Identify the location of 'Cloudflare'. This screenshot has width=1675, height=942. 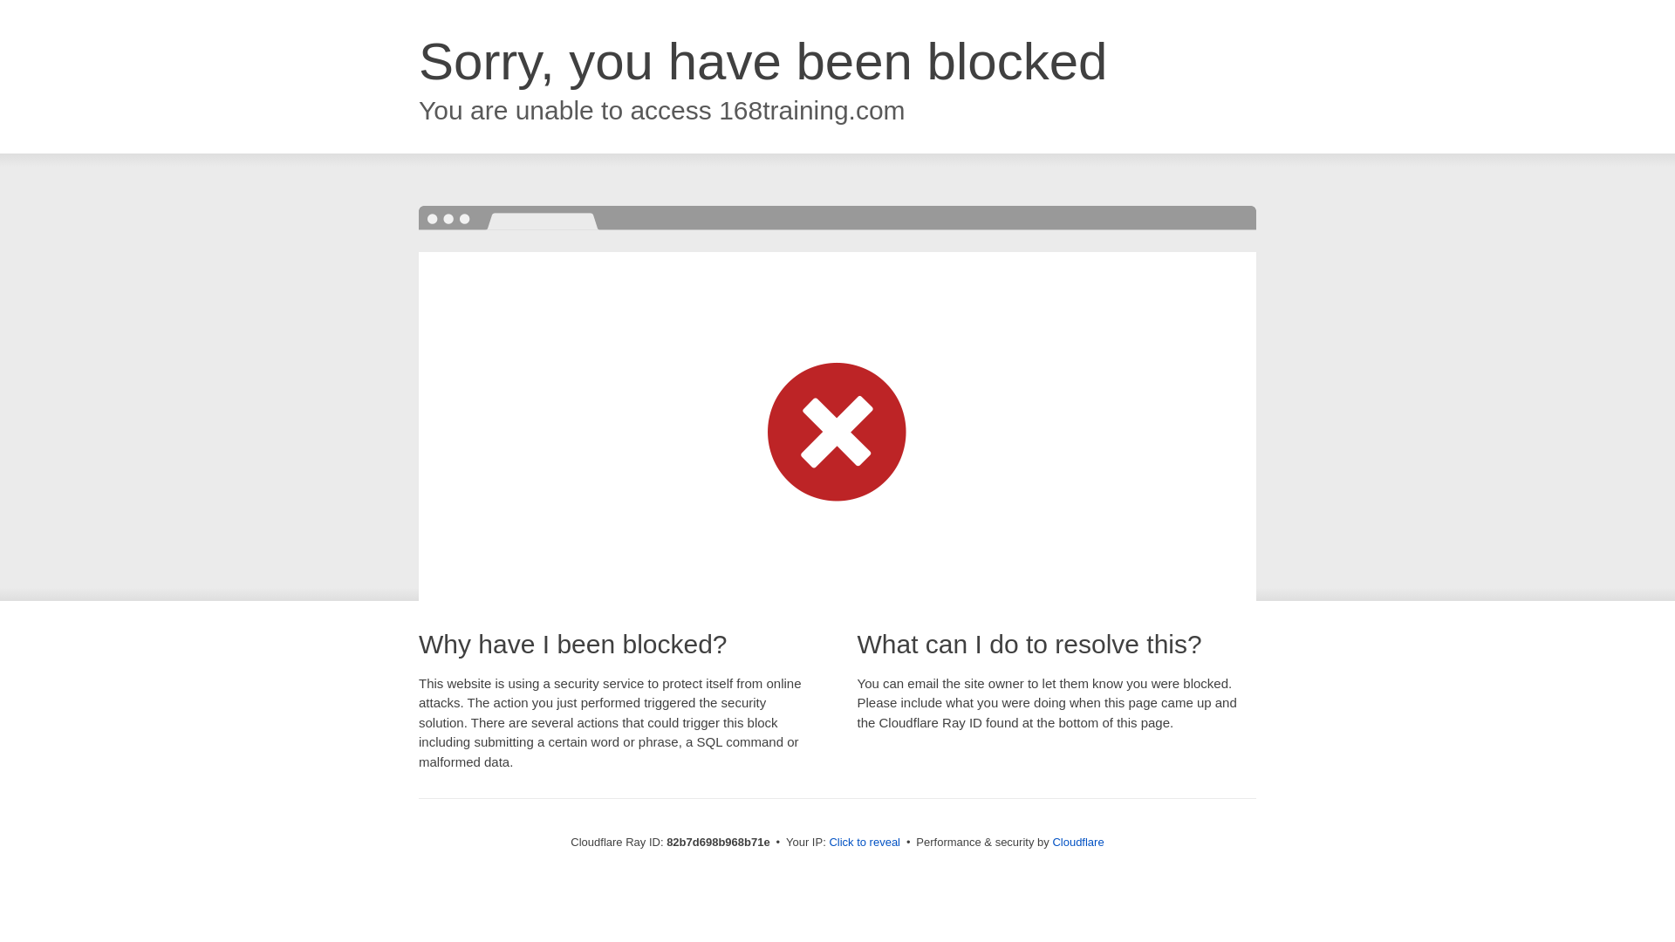
(1077, 841).